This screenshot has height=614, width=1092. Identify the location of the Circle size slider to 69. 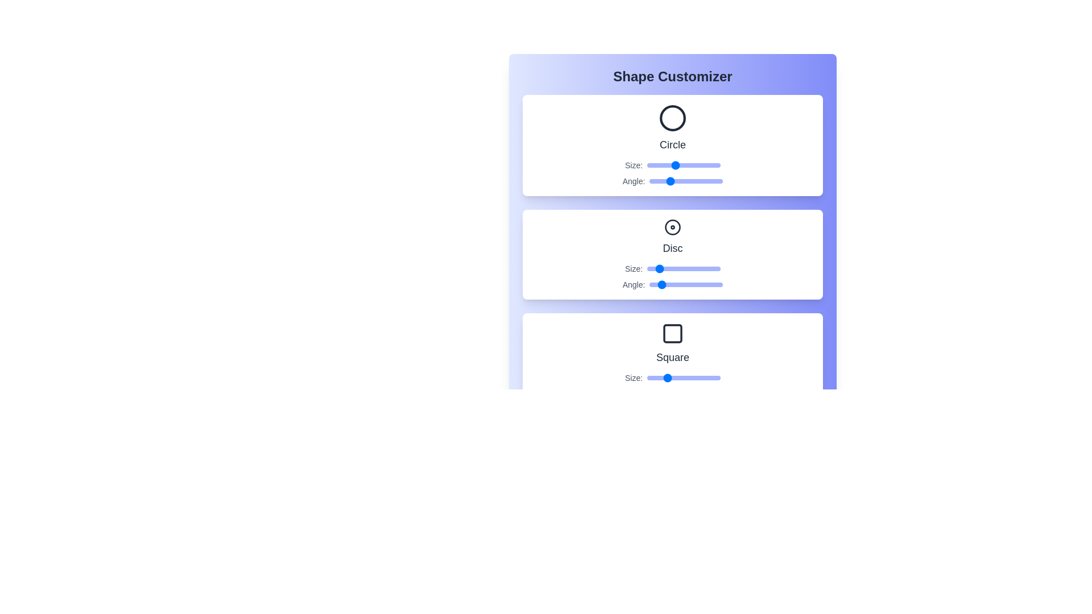
(692, 165).